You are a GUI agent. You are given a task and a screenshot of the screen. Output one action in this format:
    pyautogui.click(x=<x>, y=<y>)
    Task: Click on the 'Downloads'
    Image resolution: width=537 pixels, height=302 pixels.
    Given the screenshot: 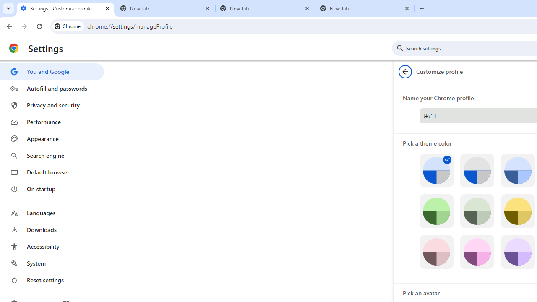 What is the action you would take?
    pyautogui.click(x=52, y=229)
    